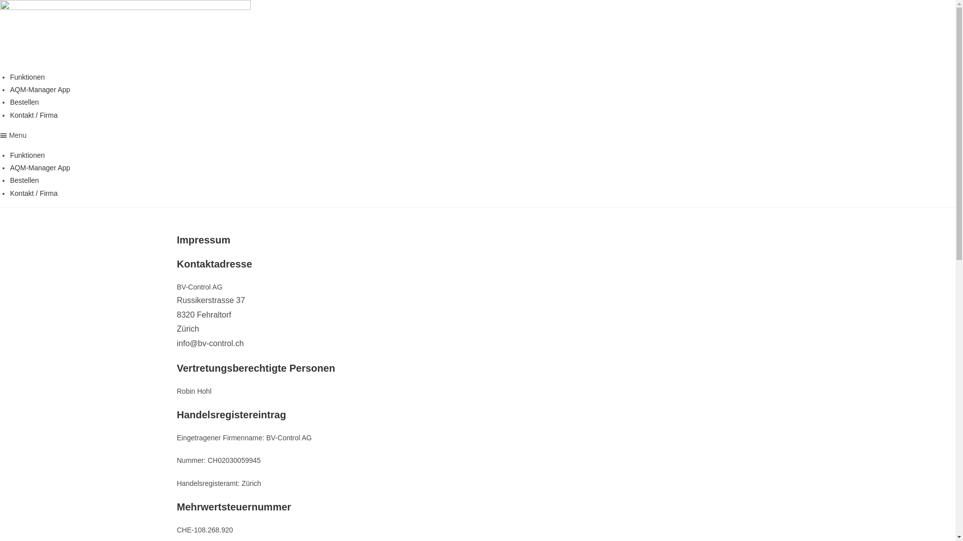  I want to click on 'Kontakt / Firma', so click(10, 193).